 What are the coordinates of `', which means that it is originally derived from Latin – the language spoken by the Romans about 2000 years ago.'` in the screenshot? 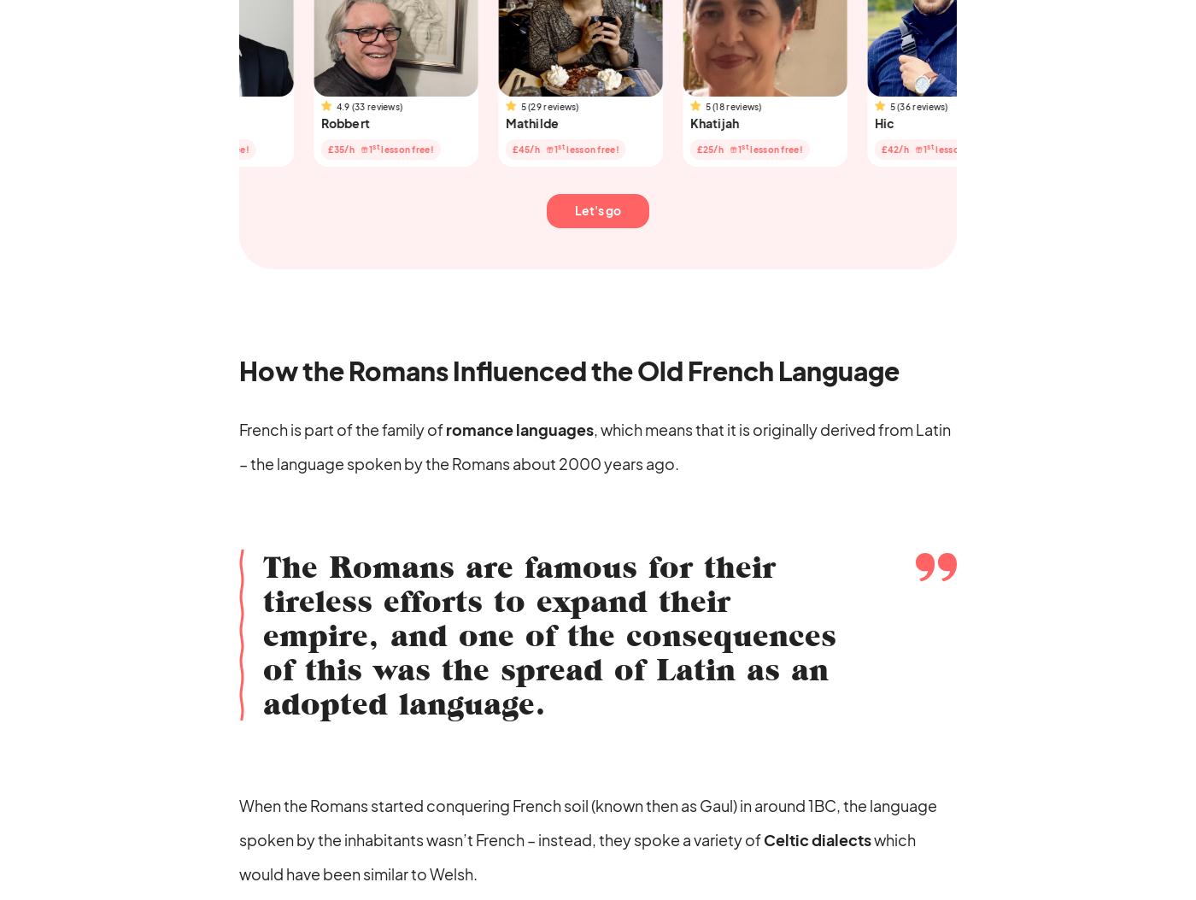 It's located at (595, 445).